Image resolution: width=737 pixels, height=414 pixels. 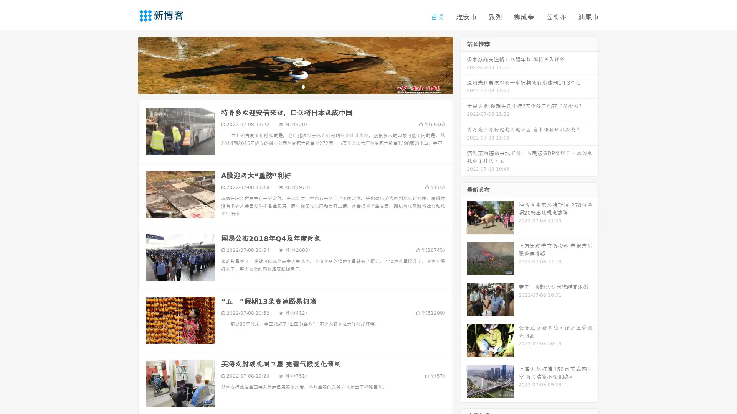 What do you see at coordinates (295, 86) in the screenshot?
I see `Go to slide 2` at bounding box center [295, 86].